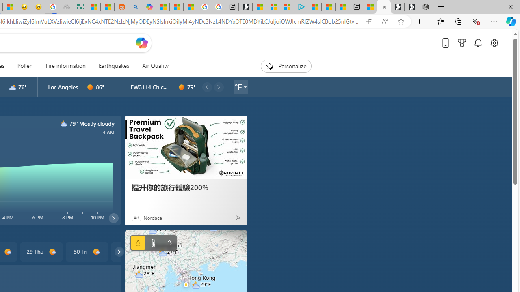  What do you see at coordinates (132, 251) in the screenshot?
I see `'31 Sat d1000'` at bounding box center [132, 251].